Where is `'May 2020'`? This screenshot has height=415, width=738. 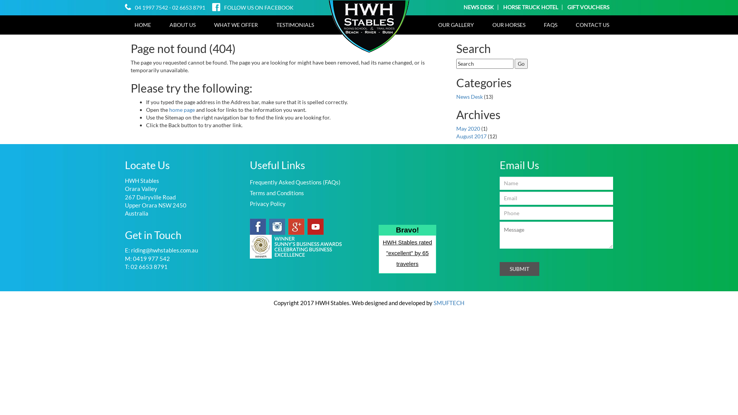 'May 2020' is located at coordinates (468, 128).